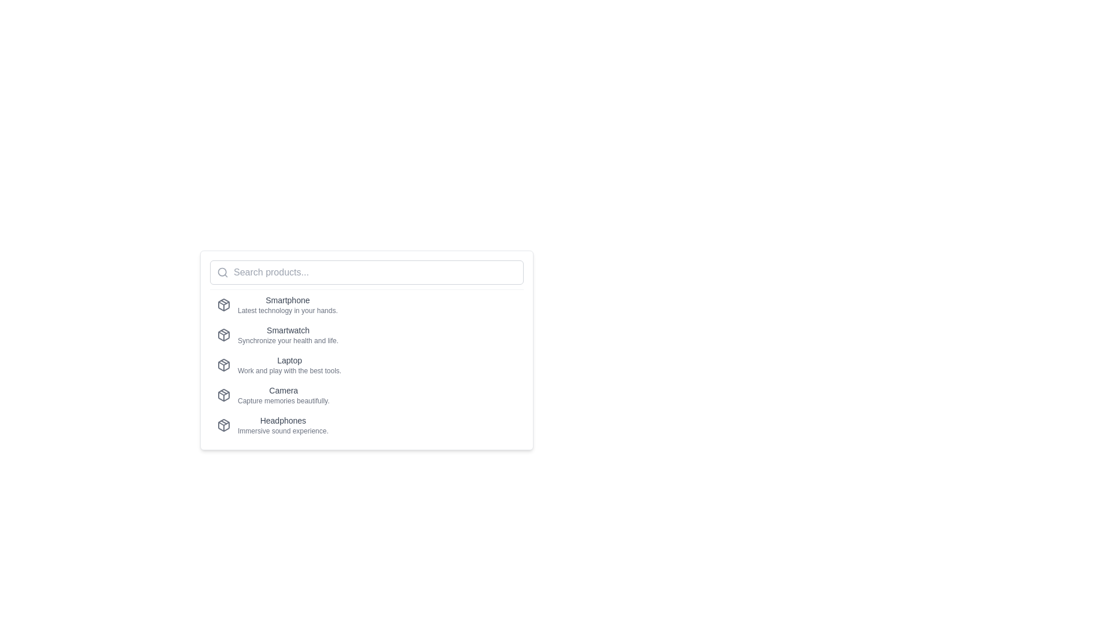  What do you see at coordinates (283, 420) in the screenshot?
I see `the text label 'Headphones' which is styled in a medium-sized grayish font and serves as a category descriptor, positioned prominently within a list of search results` at bounding box center [283, 420].